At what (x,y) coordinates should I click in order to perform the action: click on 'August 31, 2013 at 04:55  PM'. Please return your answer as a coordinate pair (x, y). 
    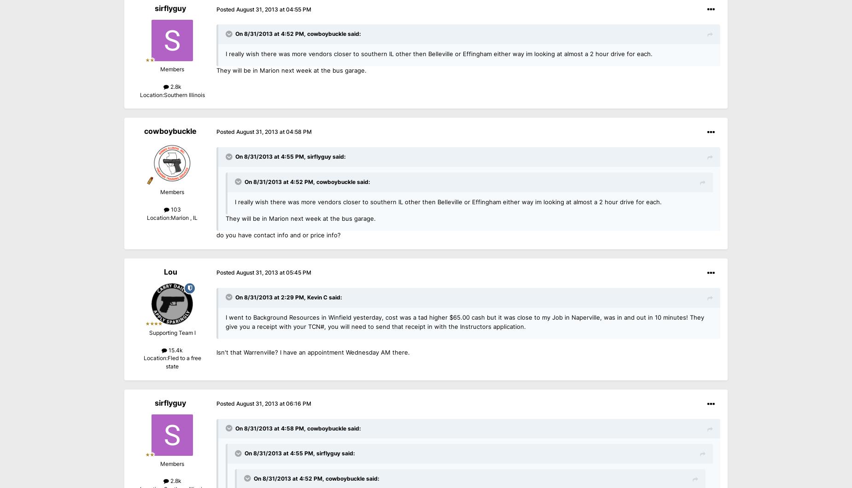
    Looking at the image, I should click on (274, 9).